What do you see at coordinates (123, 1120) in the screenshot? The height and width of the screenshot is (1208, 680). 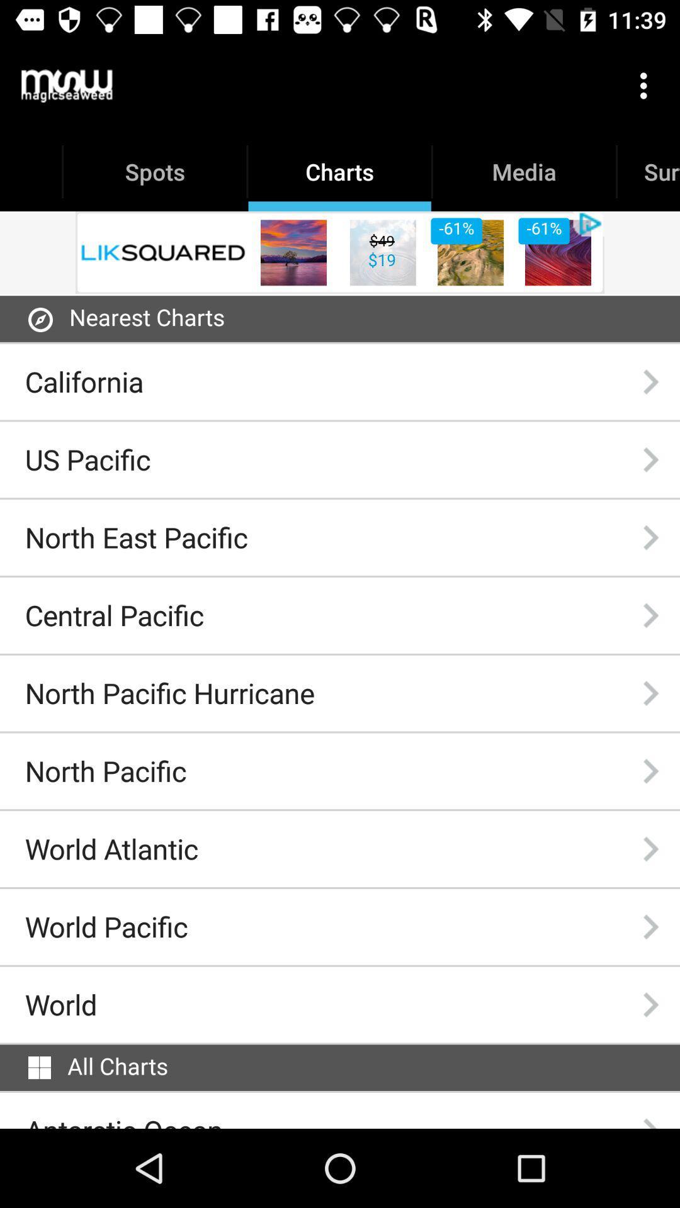 I see `the item below the all charts` at bounding box center [123, 1120].